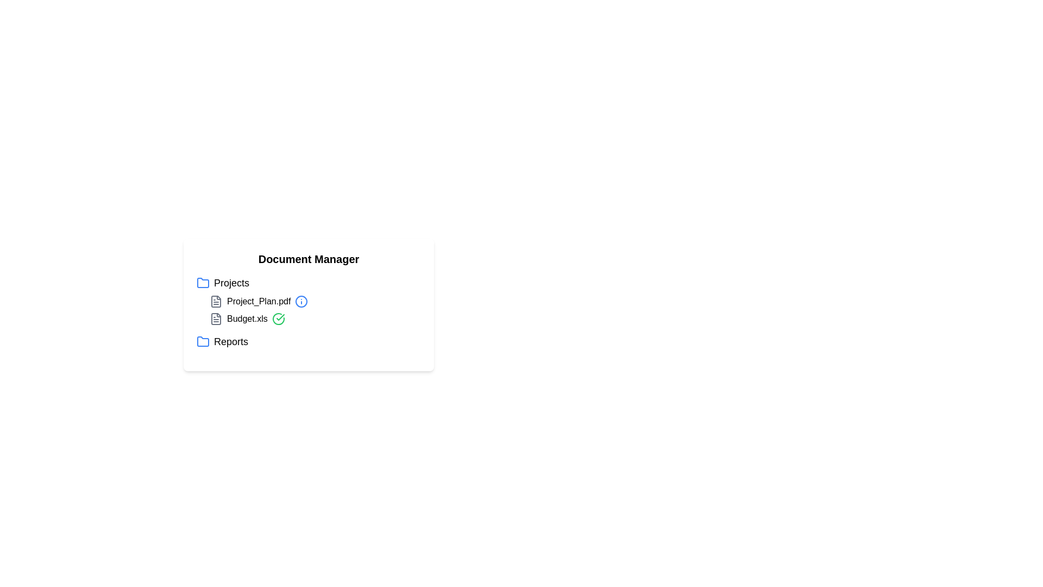  I want to click on the icon corresponding to Reports, so click(203, 341).